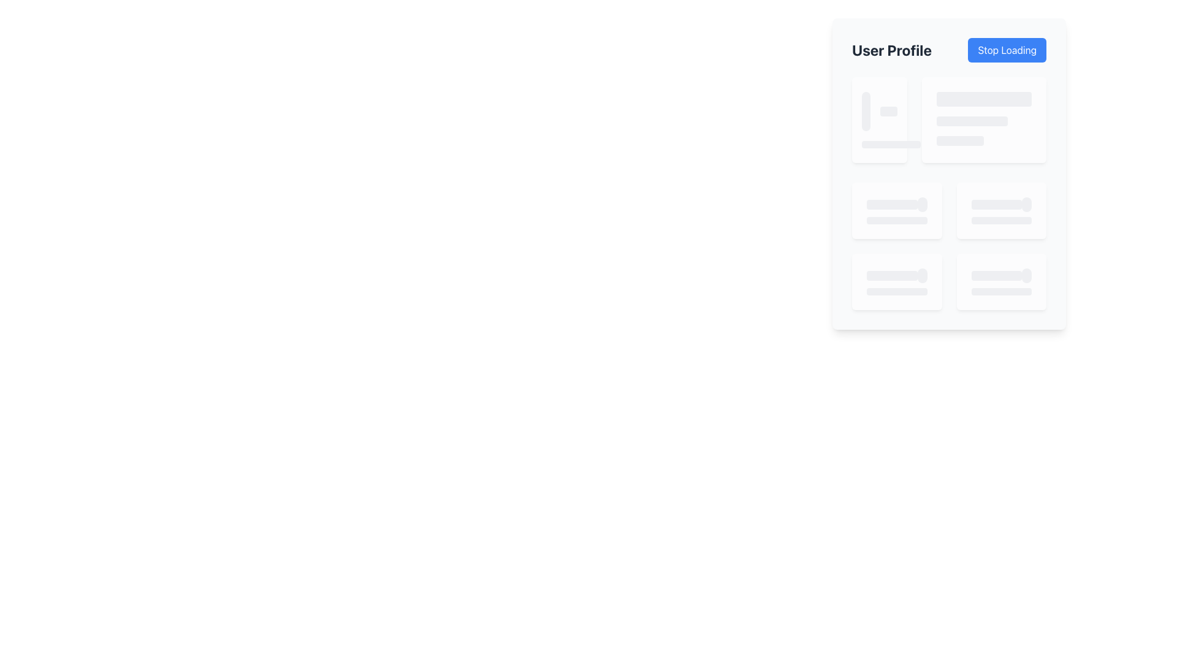  What do you see at coordinates (1001, 219) in the screenshot?
I see `the progress bar, which is a thin rectangle with a light gray background and rounded edges, positioned at the bottom of the card in the second column of a grid layout` at bounding box center [1001, 219].